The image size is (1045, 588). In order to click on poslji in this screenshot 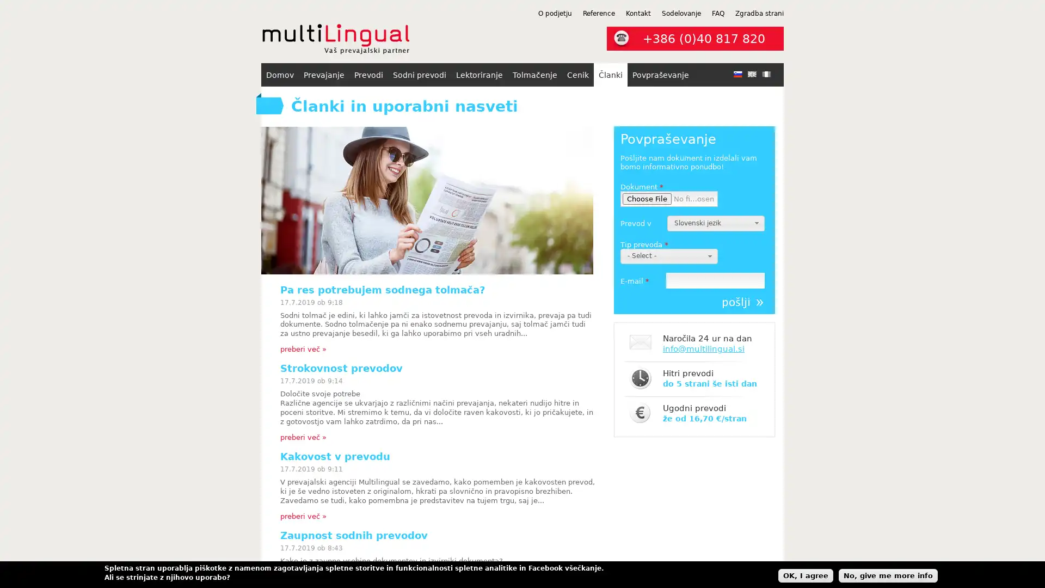, I will do `click(742, 302)`.